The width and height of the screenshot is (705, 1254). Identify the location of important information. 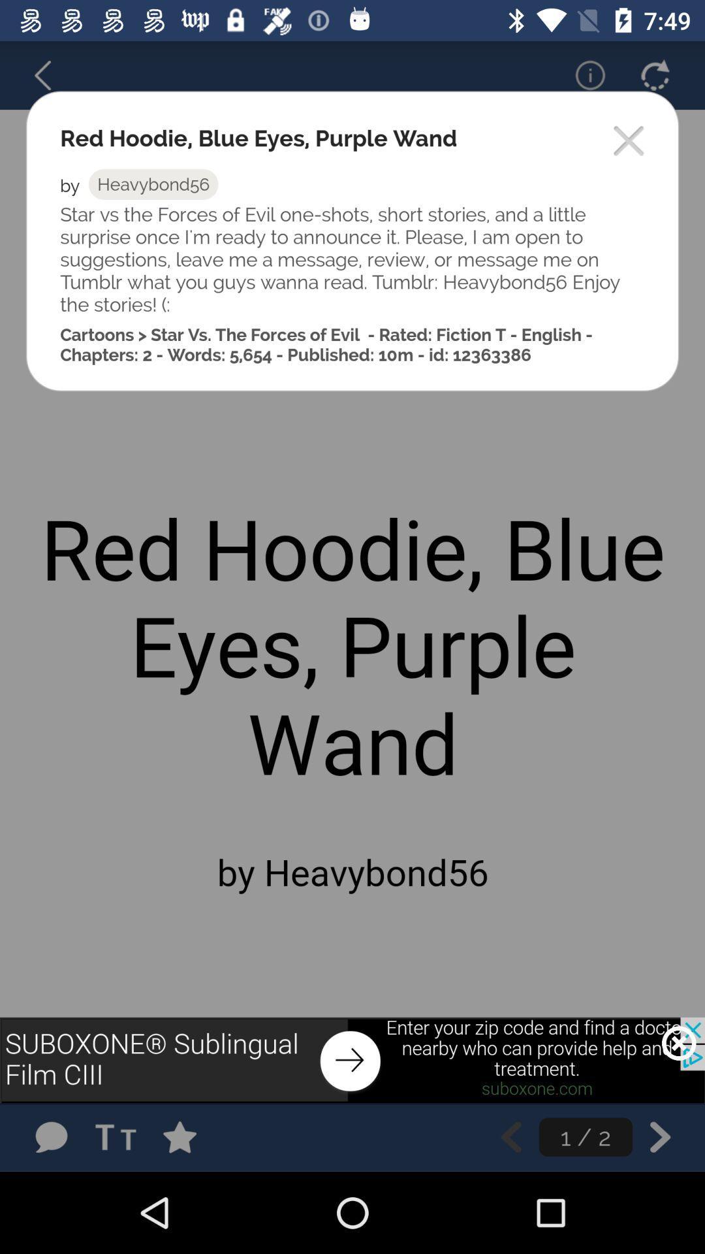
(581, 74).